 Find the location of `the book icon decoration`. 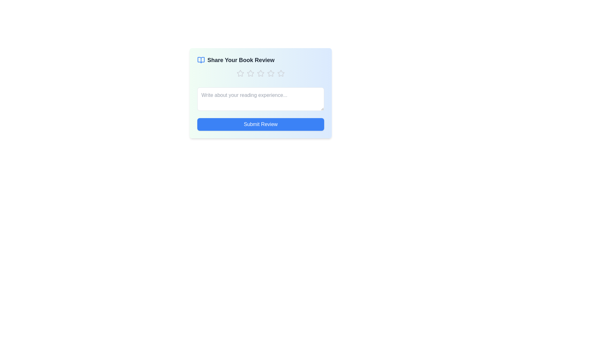

the book icon decoration is located at coordinates (200, 60).